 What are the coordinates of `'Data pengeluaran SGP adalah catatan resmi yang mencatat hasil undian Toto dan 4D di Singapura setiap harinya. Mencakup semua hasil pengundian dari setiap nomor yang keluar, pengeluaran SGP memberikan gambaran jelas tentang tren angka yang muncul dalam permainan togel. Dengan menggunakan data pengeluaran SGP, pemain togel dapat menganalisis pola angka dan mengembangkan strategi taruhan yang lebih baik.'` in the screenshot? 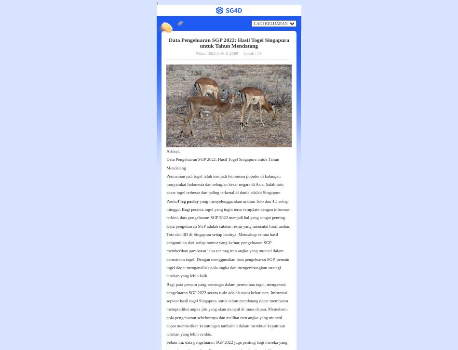 It's located at (228, 250).